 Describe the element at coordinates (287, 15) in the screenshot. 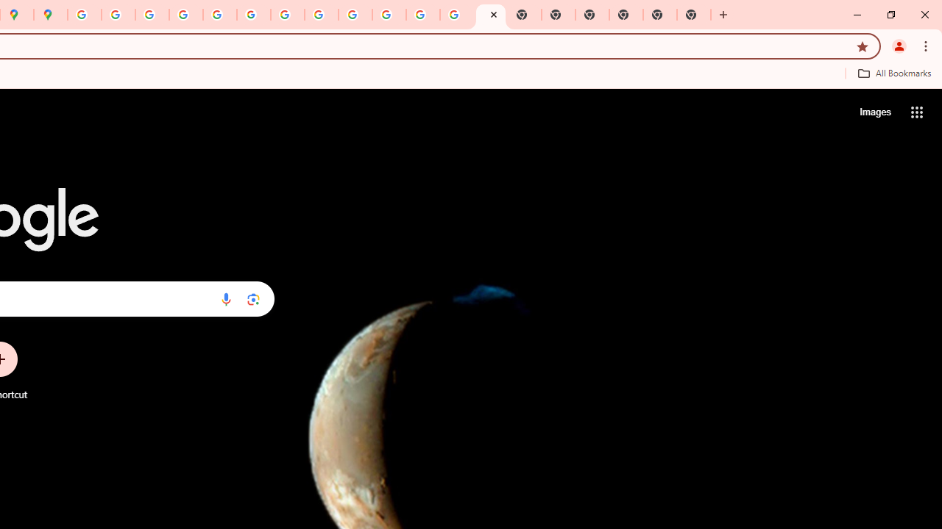

I see `'YouTube'` at that location.